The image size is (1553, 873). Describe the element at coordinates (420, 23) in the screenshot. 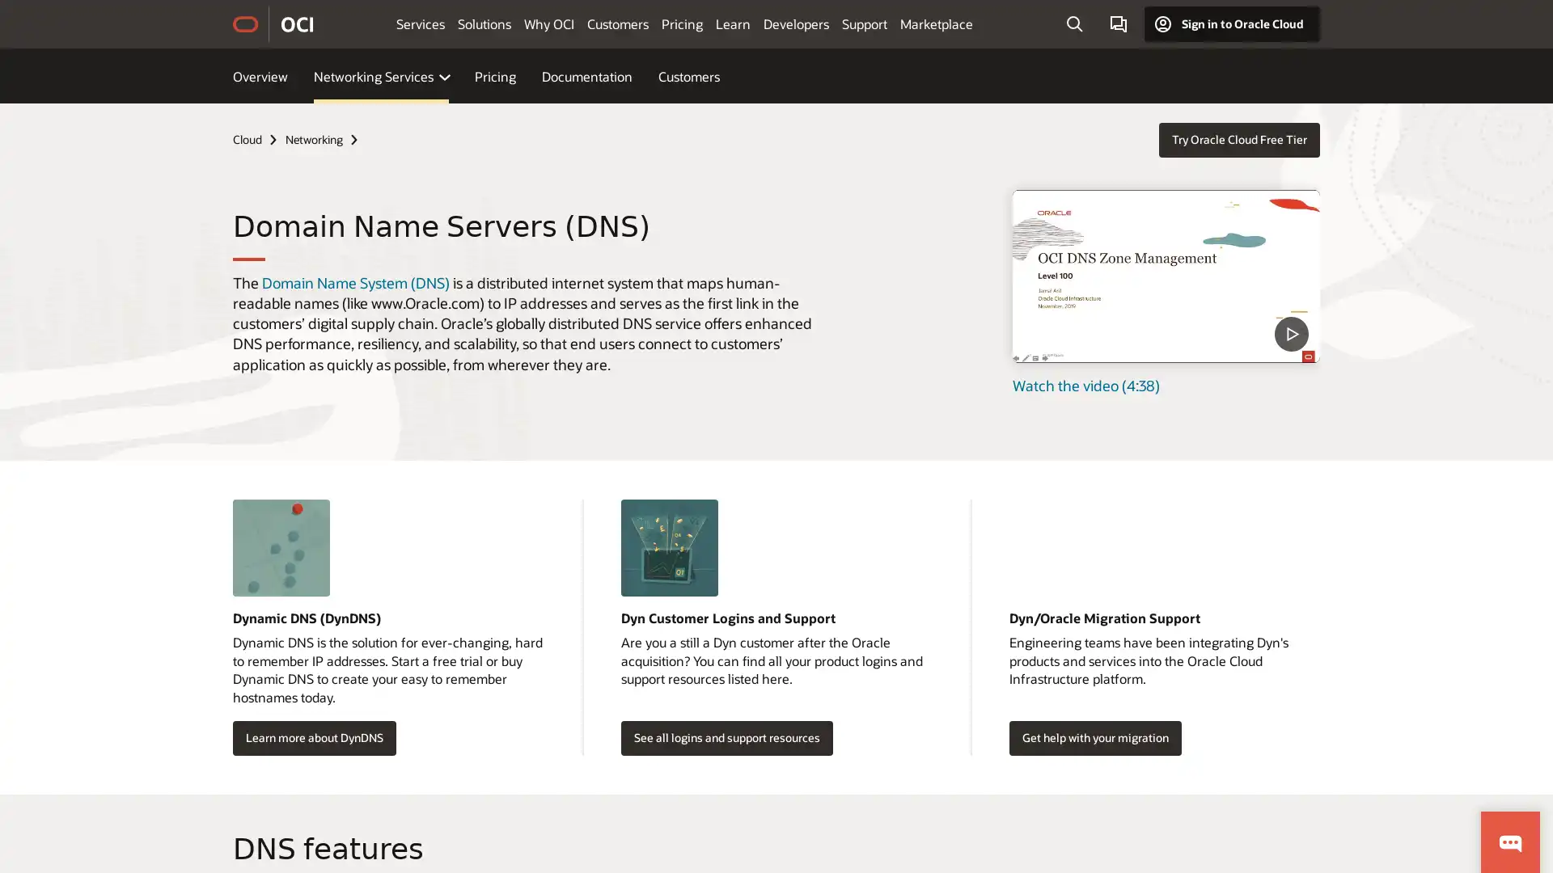

I see `Services` at that location.